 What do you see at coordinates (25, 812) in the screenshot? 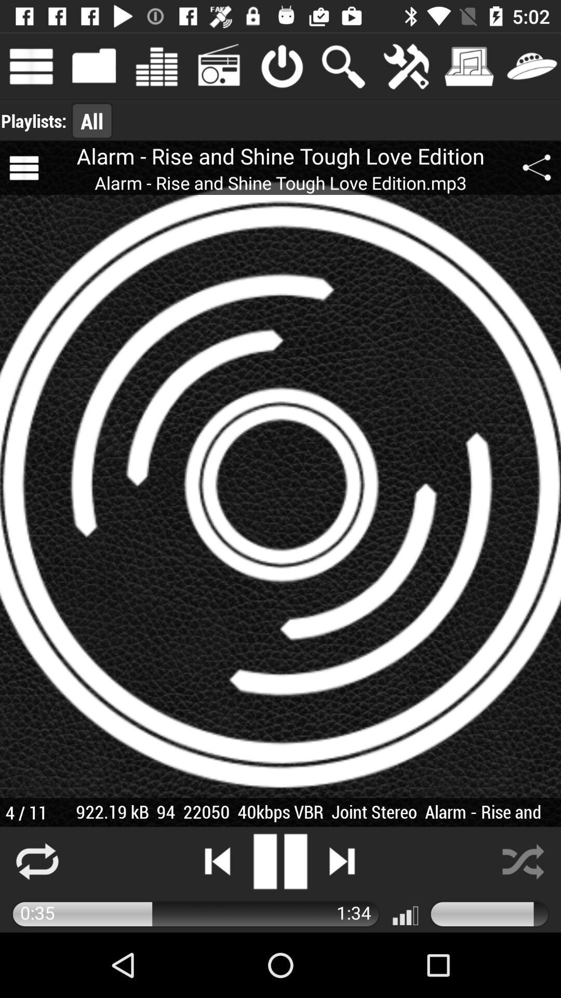
I see `the 4 / 11` at bounding box center [25, 812].